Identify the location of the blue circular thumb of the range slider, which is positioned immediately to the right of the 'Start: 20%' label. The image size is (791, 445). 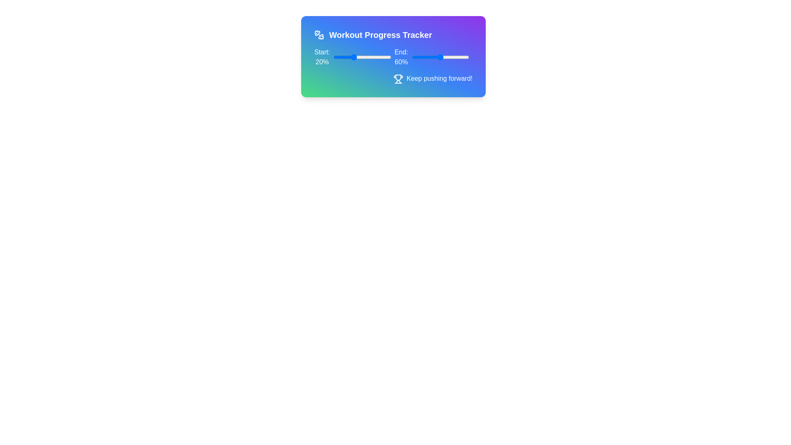
(362, 56).